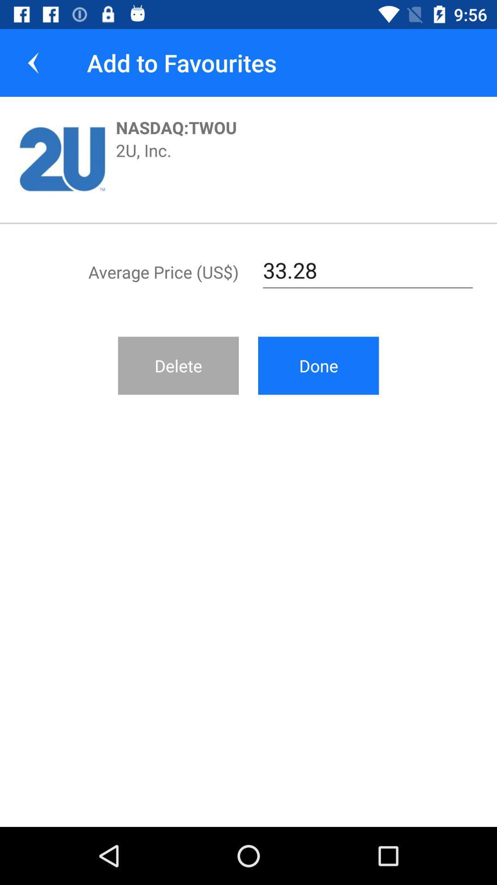 Image resolution: width=497 pixels, height=885 pixels. I want to click on the icon next to the delete, so click(318, 365).